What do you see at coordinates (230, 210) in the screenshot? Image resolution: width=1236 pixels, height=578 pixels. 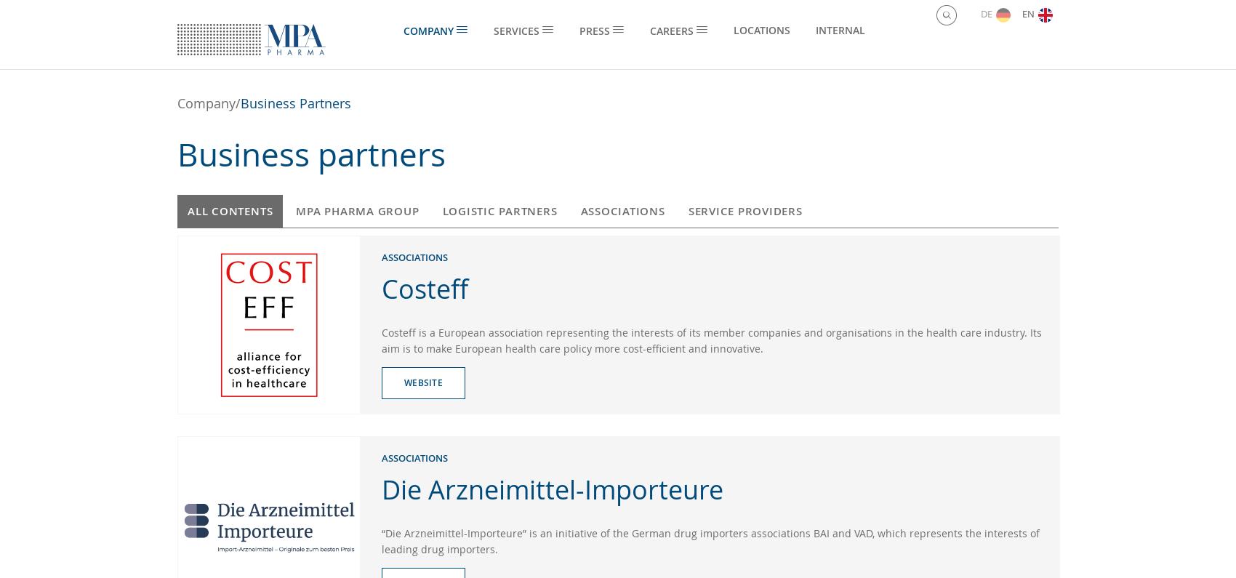 I see `'All contents'` at bounding box center [230, 210].